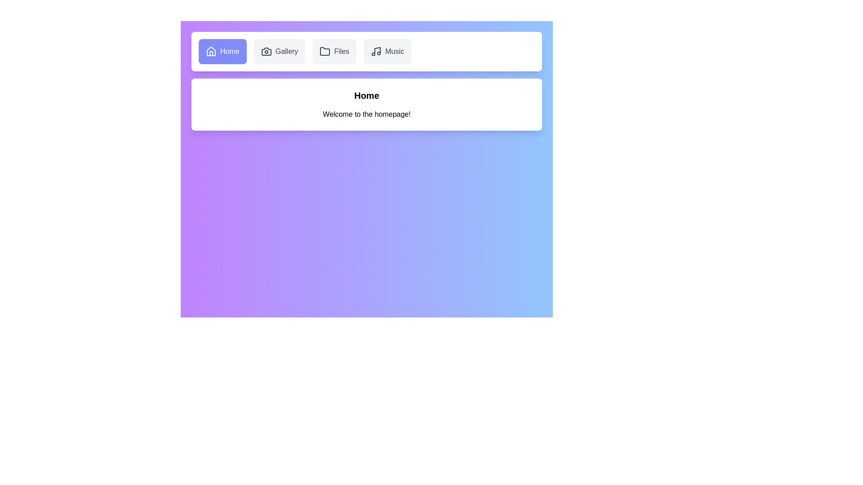  I want to click on the button labeled Files to observe visual feedback, so click(334, 52).